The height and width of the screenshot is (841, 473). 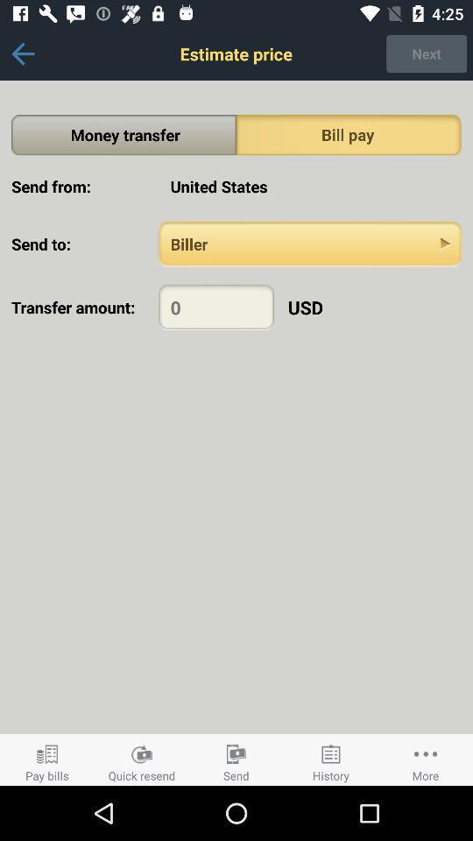 I want to click on amount, so click(x=216, y=307).